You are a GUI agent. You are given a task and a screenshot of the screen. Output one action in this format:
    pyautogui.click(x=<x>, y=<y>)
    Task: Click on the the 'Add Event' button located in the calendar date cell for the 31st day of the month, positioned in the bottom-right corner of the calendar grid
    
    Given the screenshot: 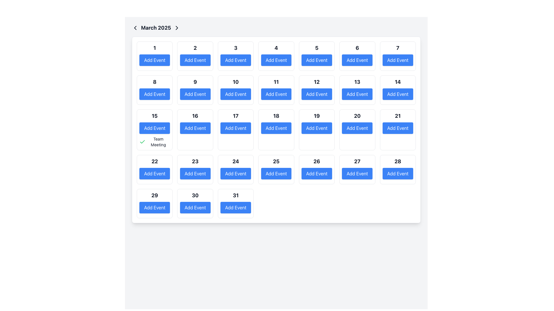 What is the action you would take?
    pyautogui.click(x=236, y=203)
    